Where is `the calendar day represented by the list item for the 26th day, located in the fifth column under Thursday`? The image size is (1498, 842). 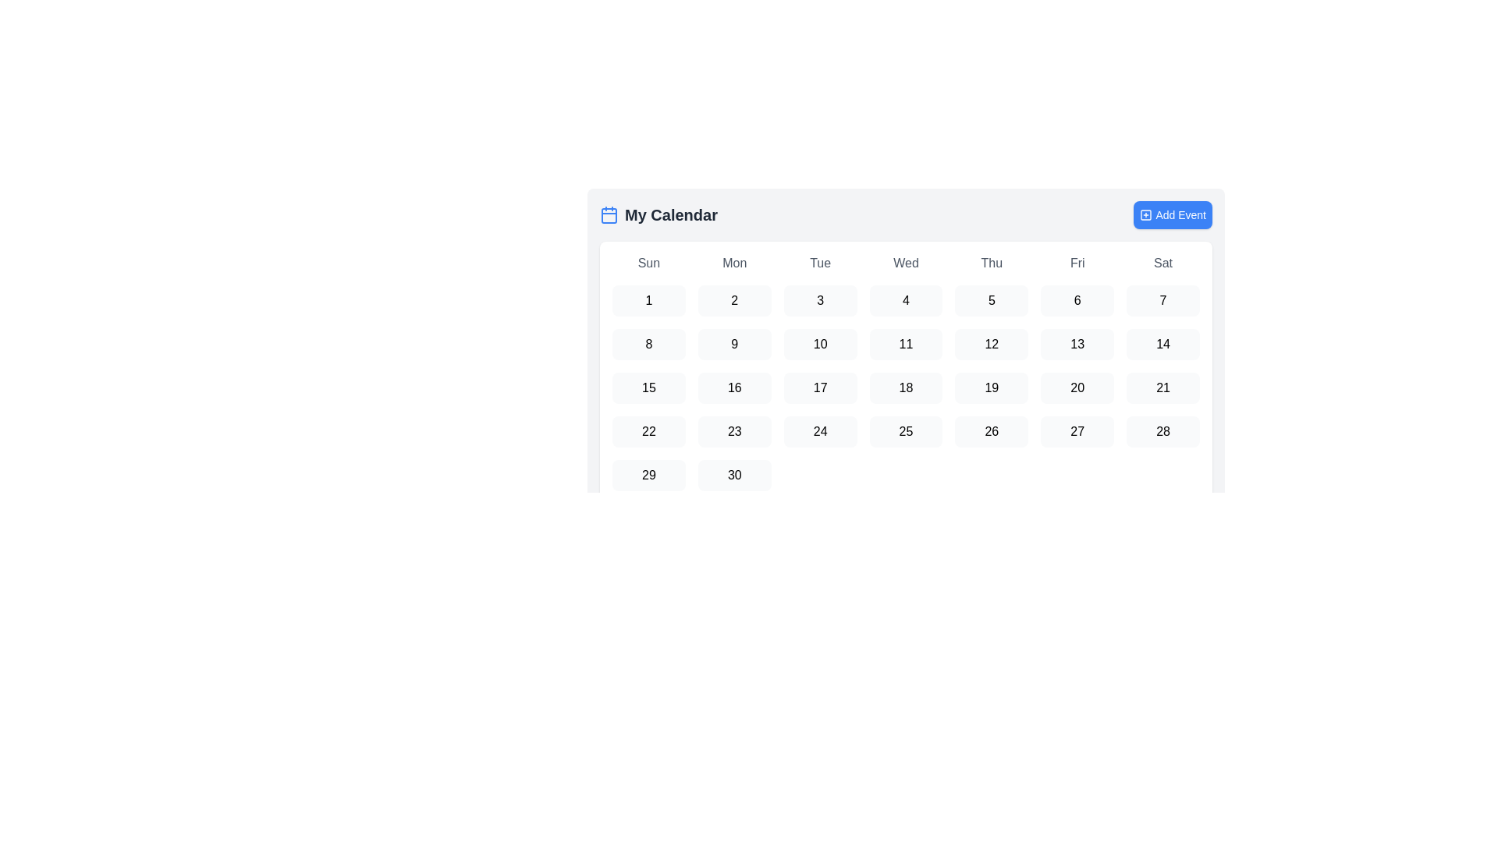
the calendar day represented by the list item for the 26th day, located in the fifth column under Thursday is located at coordinates (991, 432).